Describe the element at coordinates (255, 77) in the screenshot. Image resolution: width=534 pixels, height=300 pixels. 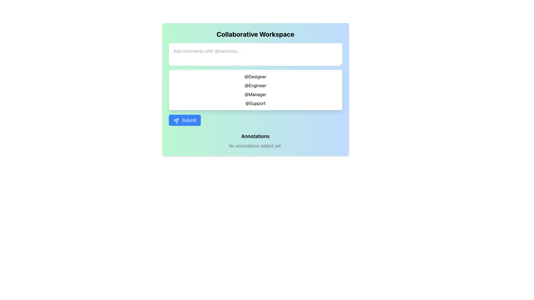
I see `the first selectable user or tag option in the autocomplete dropdown` at that location.